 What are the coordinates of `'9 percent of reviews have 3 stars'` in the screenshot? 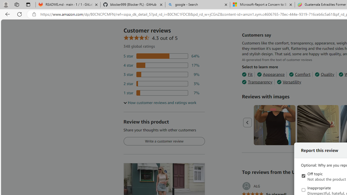 It's located at (161, 74).